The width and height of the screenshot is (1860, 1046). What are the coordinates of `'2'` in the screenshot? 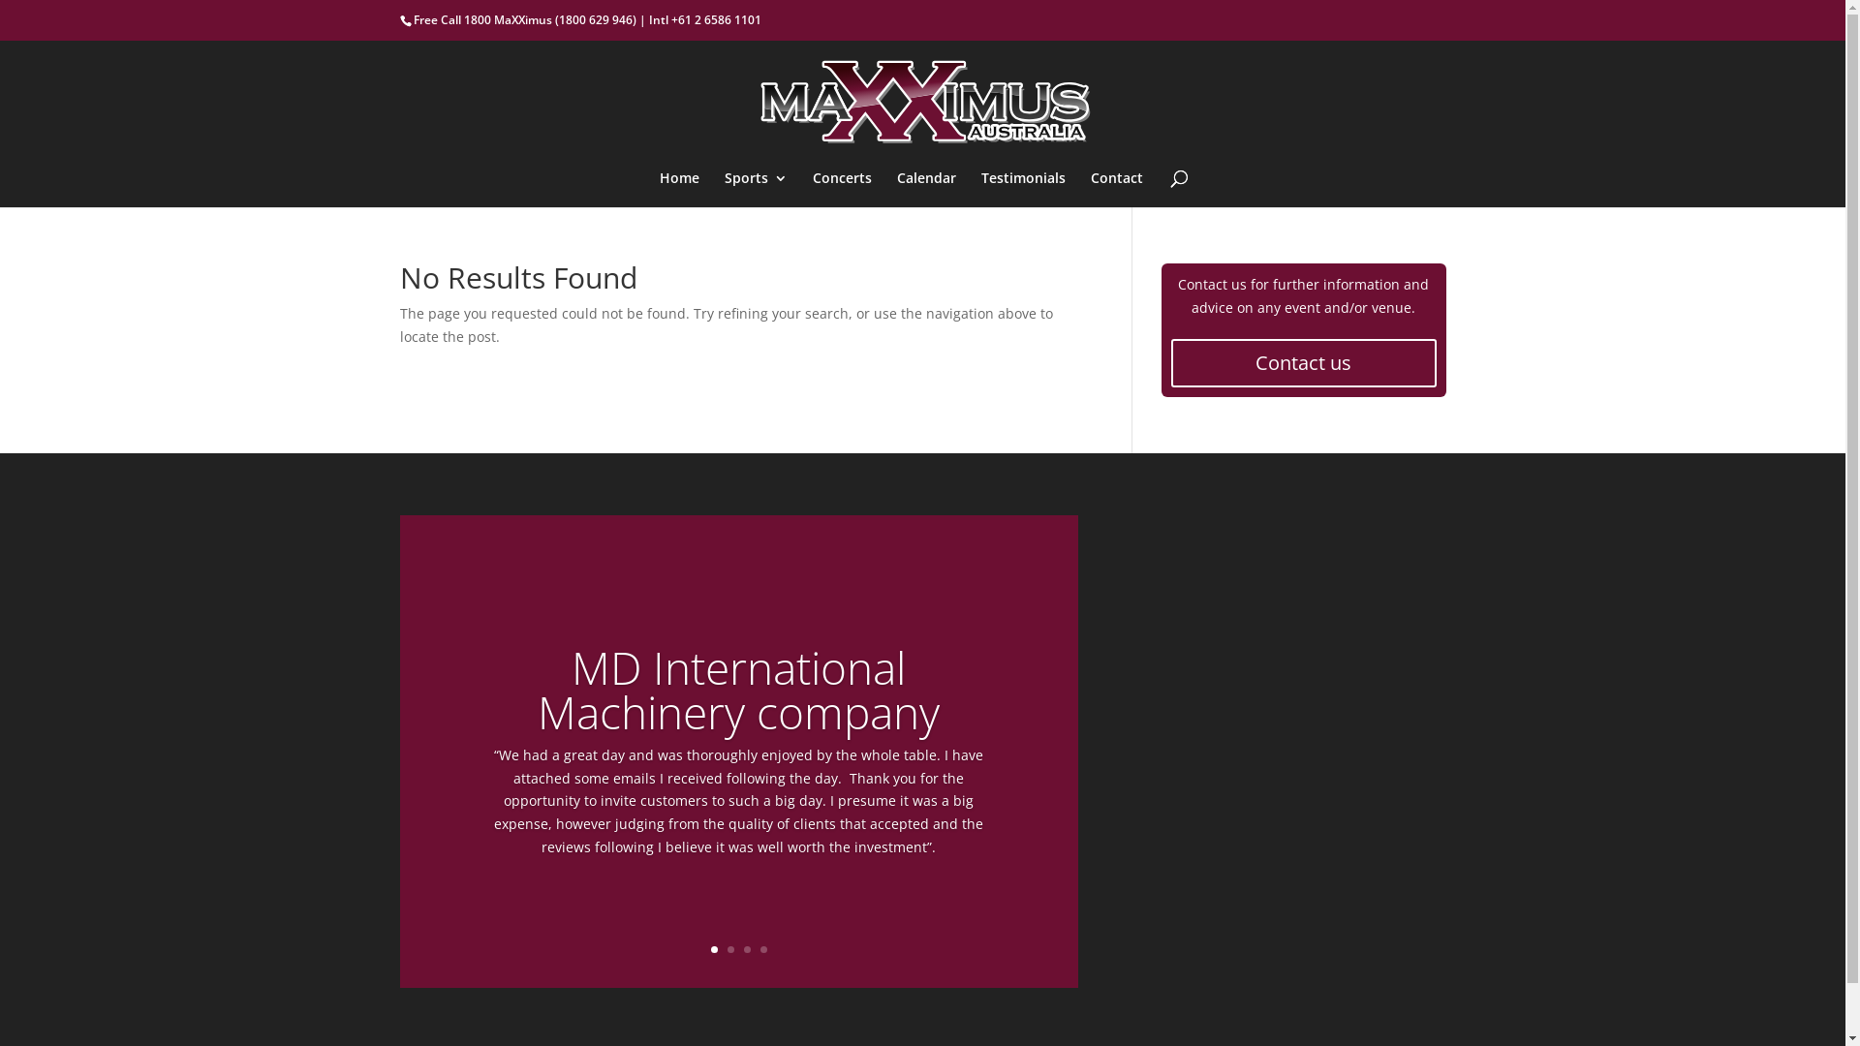 It's located at (729, 948).